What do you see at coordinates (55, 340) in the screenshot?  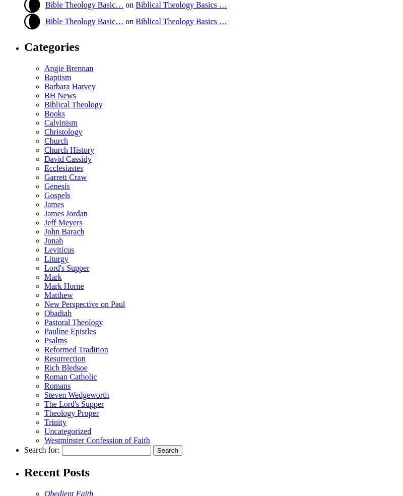 I see `'Psalms'` at bounding box center [55, 340].